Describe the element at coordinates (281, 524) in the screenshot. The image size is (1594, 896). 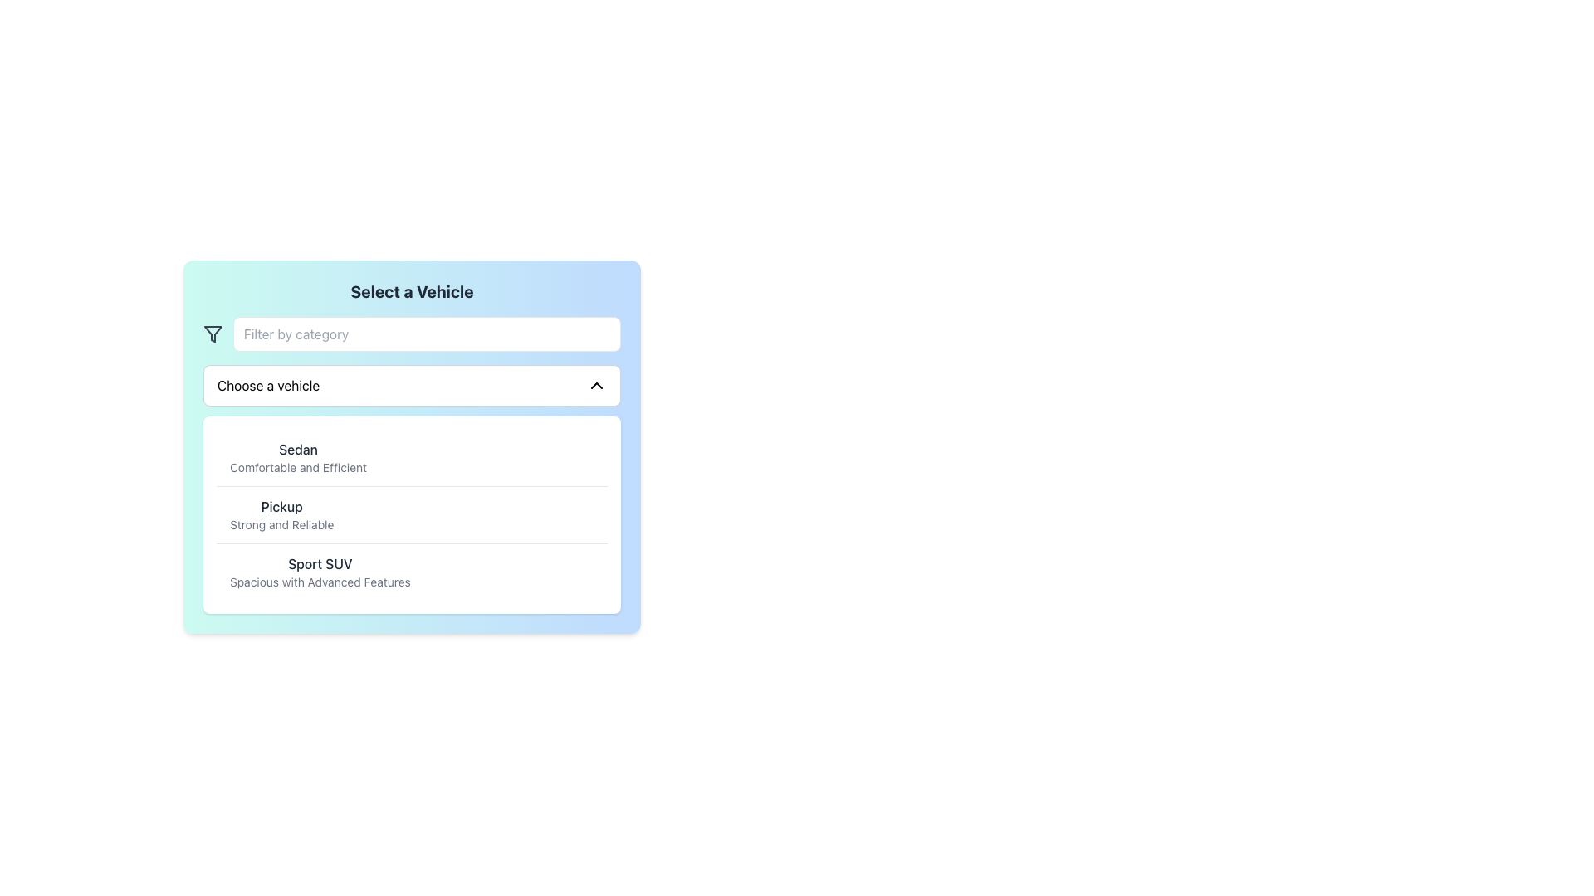
I see `the supplementary description text for the 'Pickup' item, which is located beneath the title 'Pickup' in the vertically scrolled list under the category 'Choose a vehicle'` at that location.